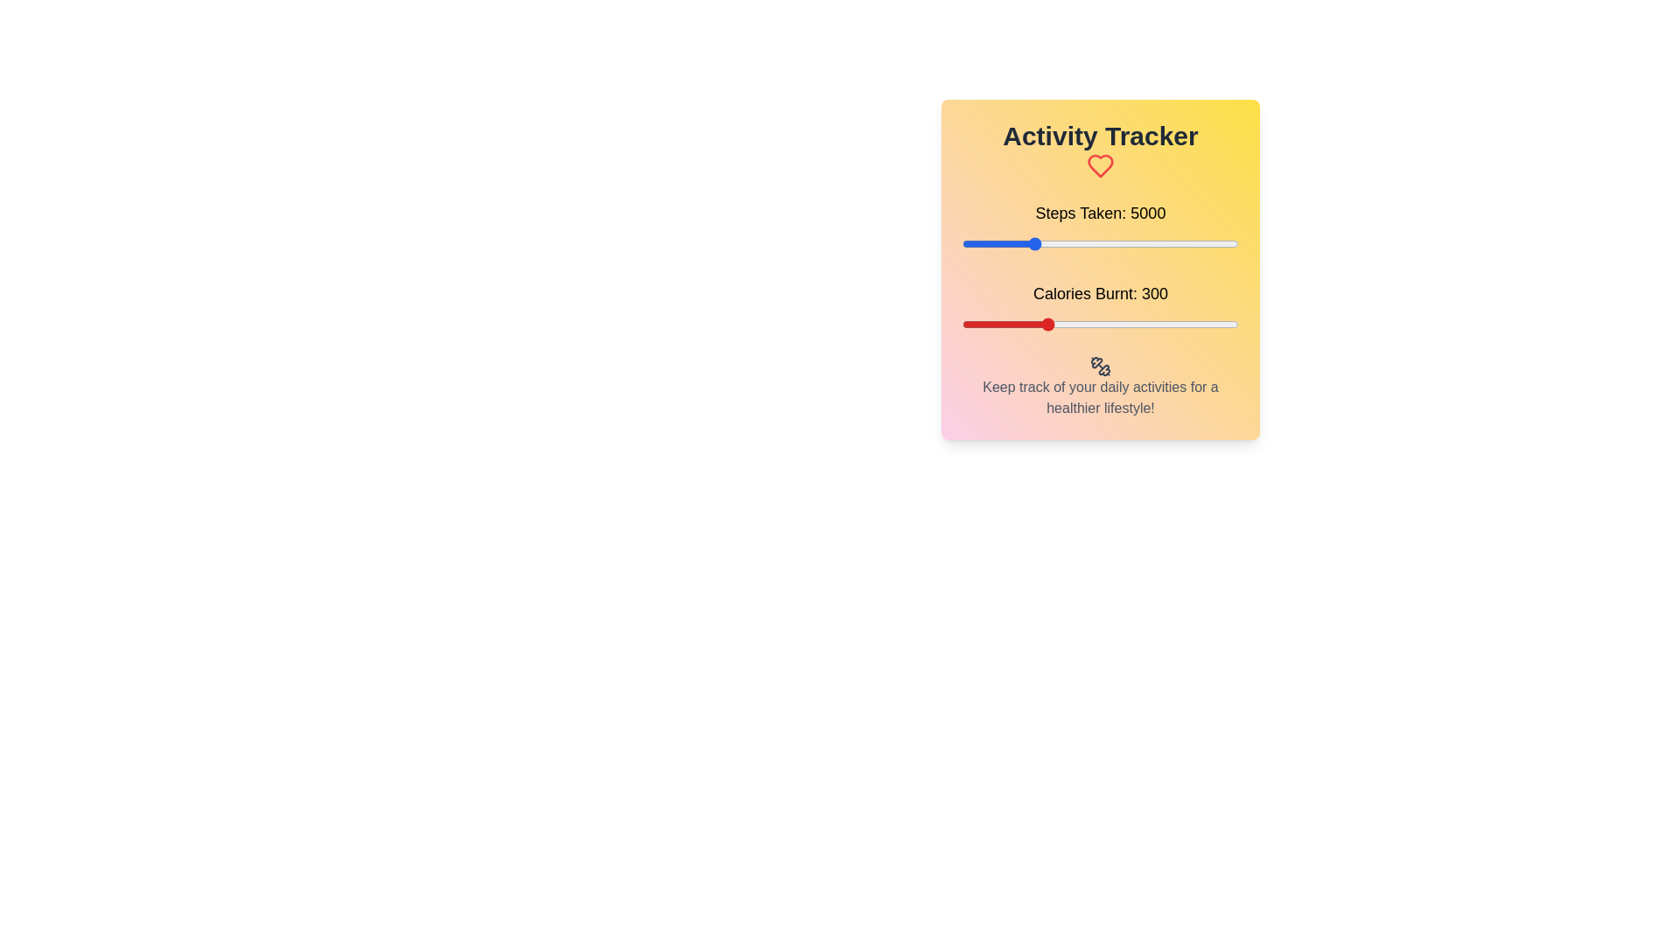 Image resolution: width=1680 pixels, height=945 pixels. I want to click on the horizontal slider located below the 'Steps Taken: 5000' text to set the value, so click(1099, 243).